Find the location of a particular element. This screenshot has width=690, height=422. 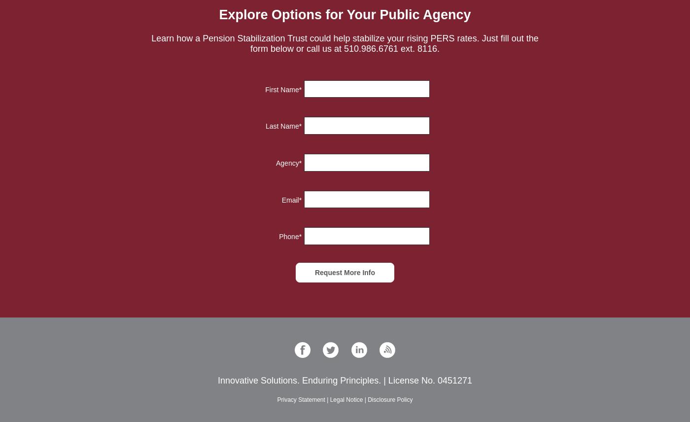

'Last Name' is located at coordinates (265, 126).